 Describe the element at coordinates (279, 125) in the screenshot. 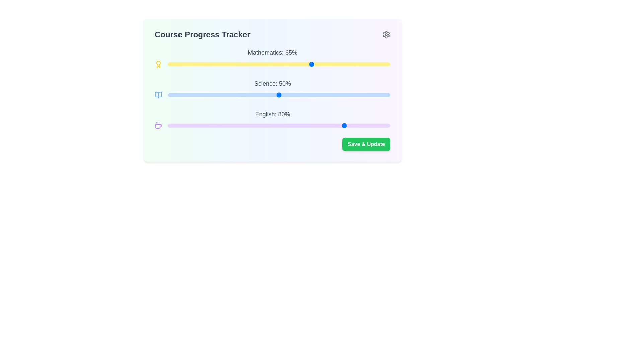

I see `the range slider located below the text 'English: 80%'` at that location.